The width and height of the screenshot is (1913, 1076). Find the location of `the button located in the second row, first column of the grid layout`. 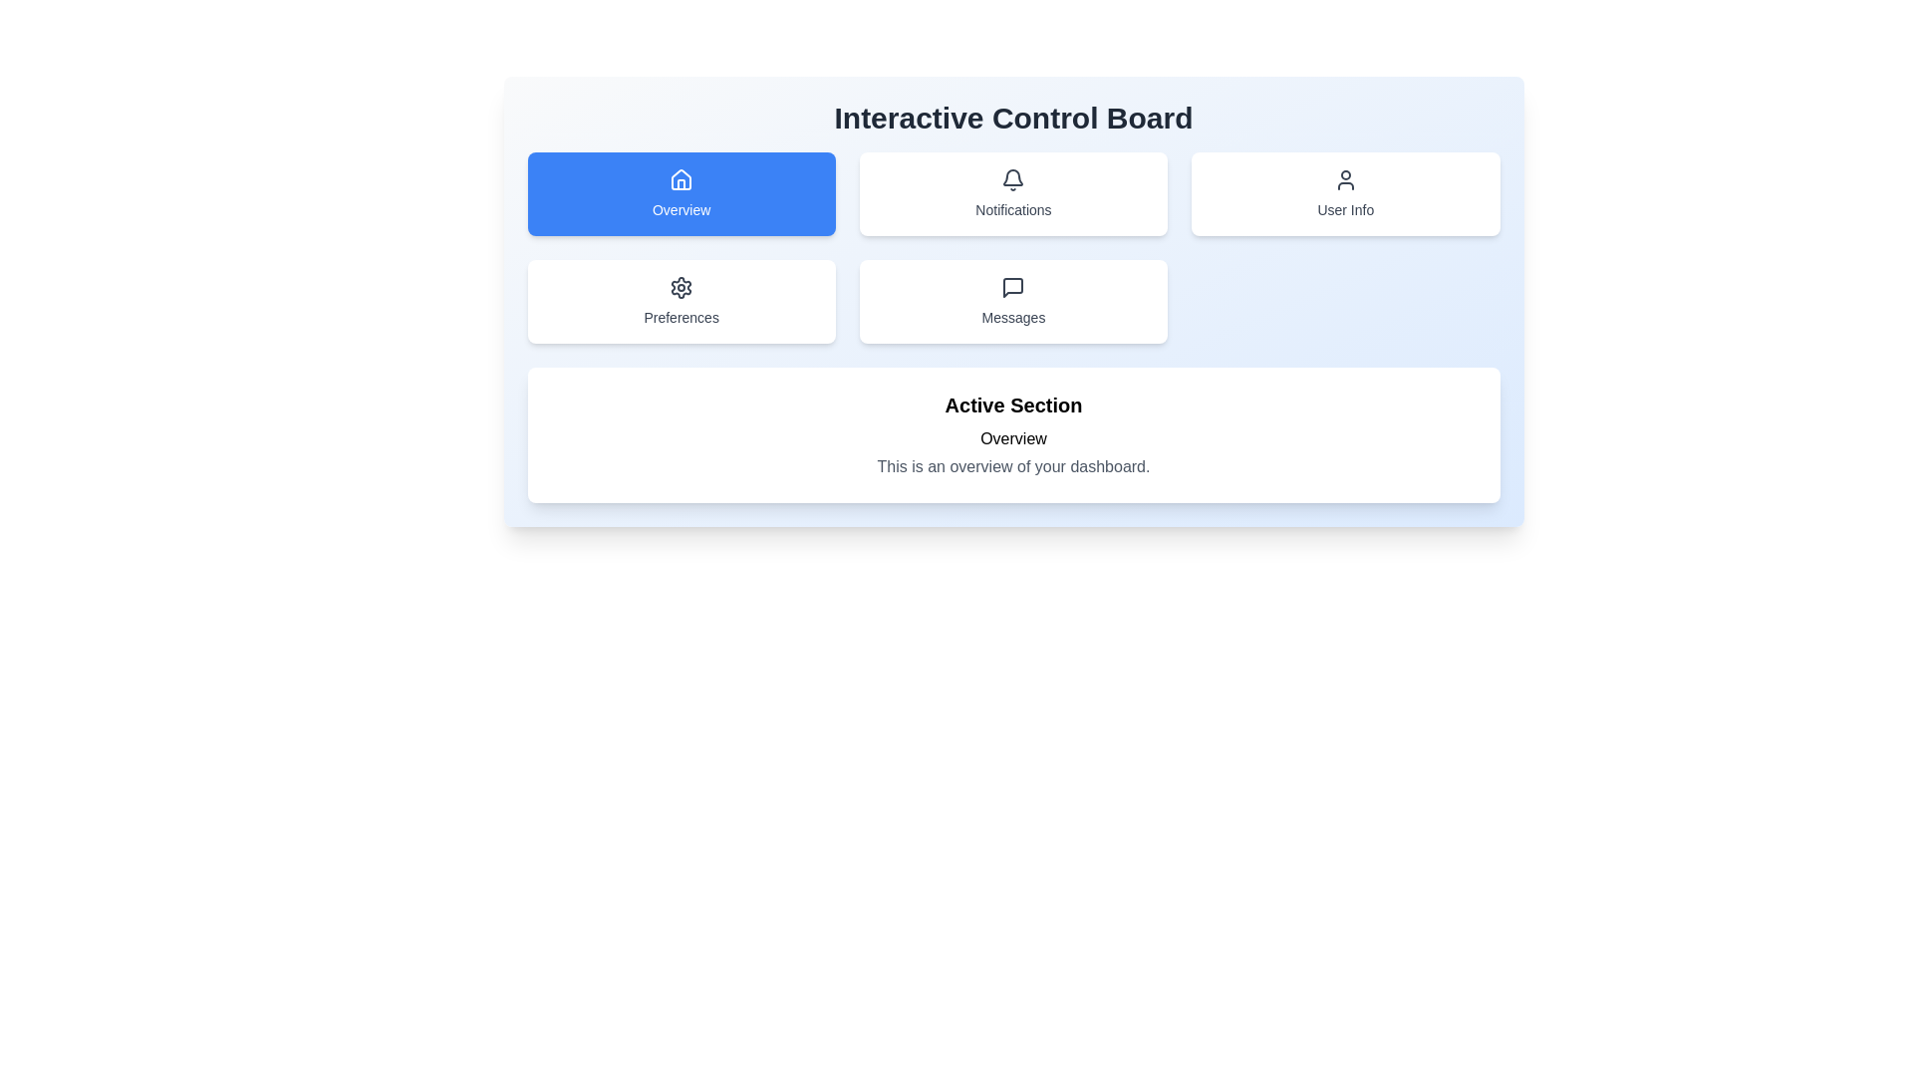

the button located in the second row, first column of the grid layout is located at coordinates (682, 302).